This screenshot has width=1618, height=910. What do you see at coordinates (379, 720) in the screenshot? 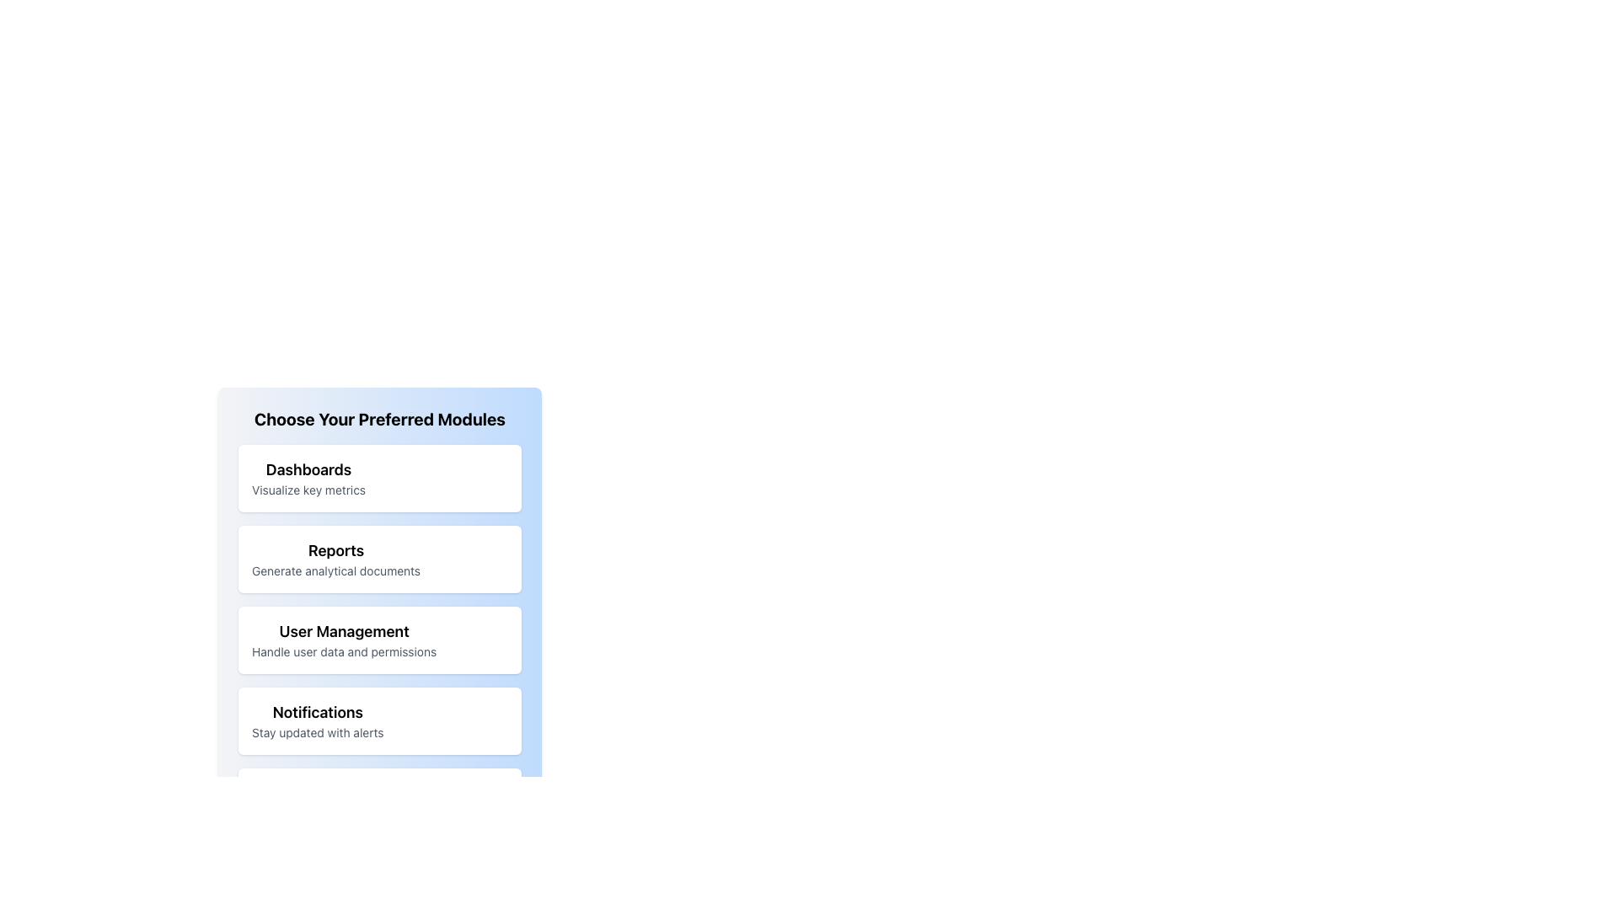
I see `the 'Notifications' card, which is the fourth card in the vertical list under 'Choose Your Preferred Modules'` at bounding box center [379, 720].